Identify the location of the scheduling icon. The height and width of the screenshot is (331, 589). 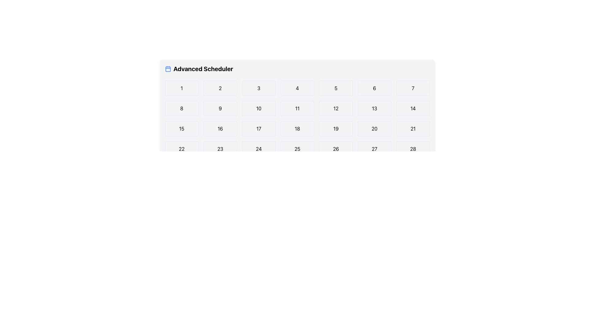
(168, 69).